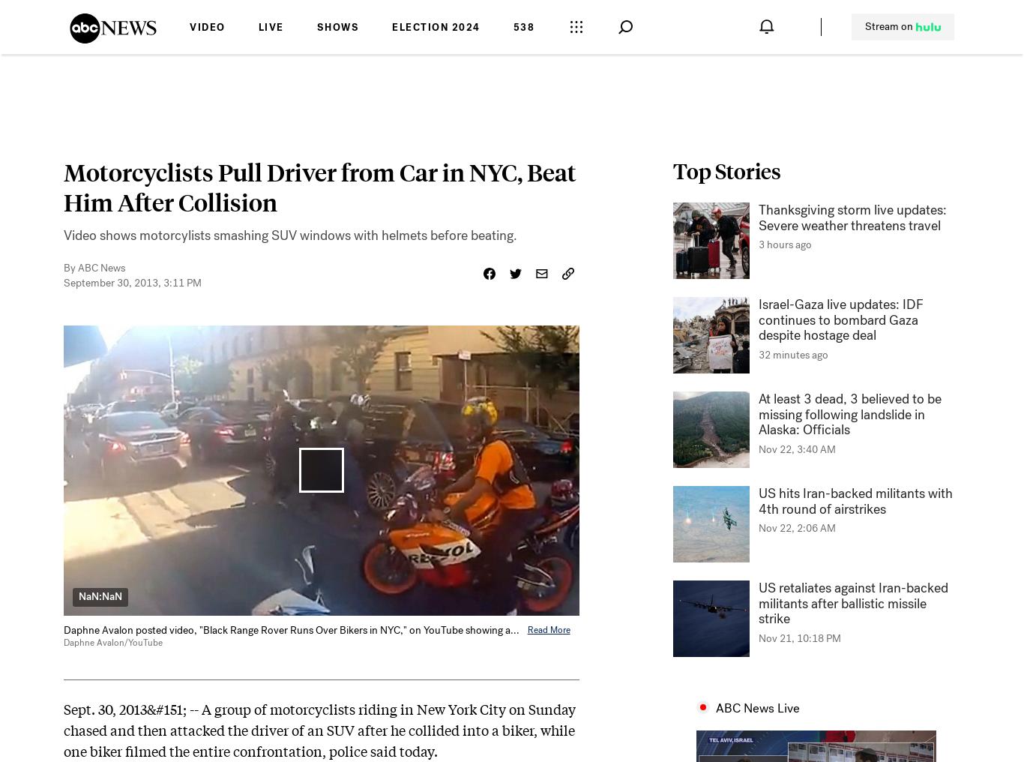 Image resolution: width=1024 pixels, height=762 pixels. What do you see at coordinates (63, 706) in the screenshot?
I see `'Sept. 30, 2013&#151; --'` at bounding box center [63, 706].